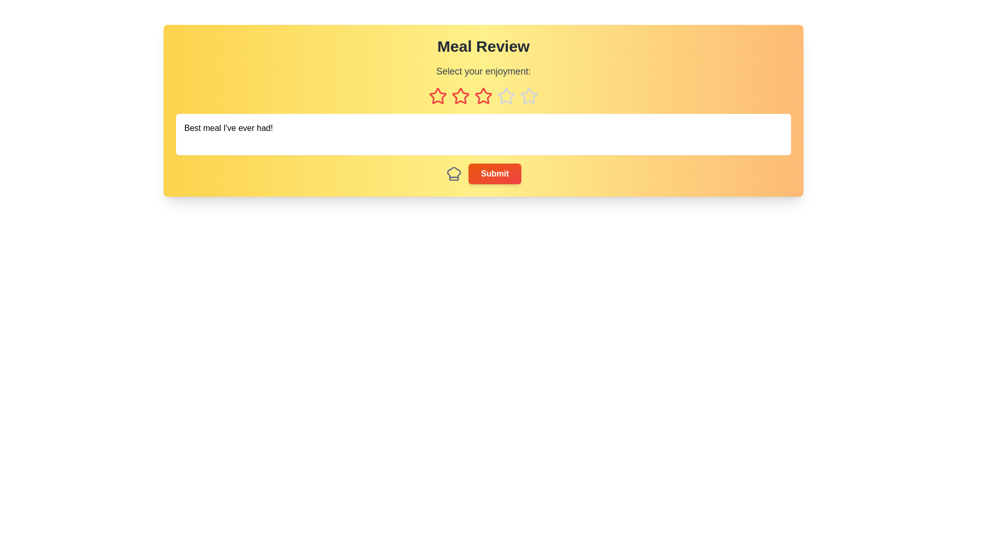 Image resolution: width=994 pixels, height=559 pixels. Describe the element at coordinates (437, 96) in the screenshot. I see `the first Rating star icon, which is a star with a red border and no fill color, located under the heading 'Select your enjoyment:' in the review section` at that location.